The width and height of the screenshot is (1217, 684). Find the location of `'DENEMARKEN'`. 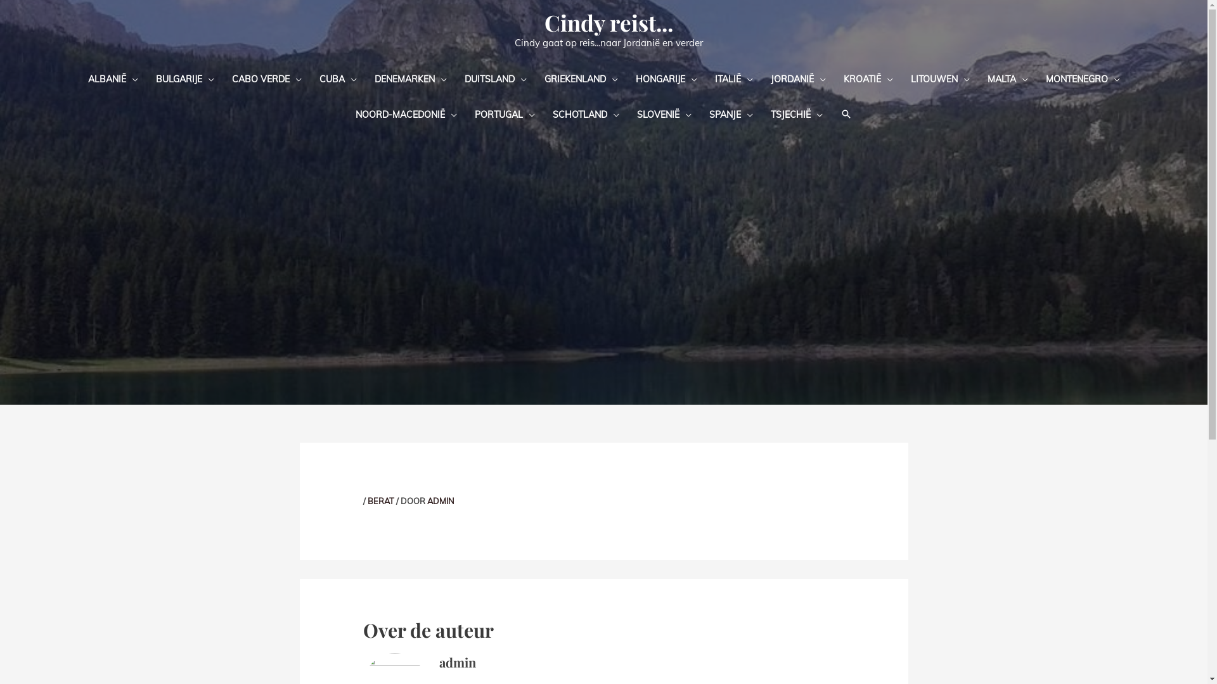

'DENEMARKEN' is located at coordinates (410, 78).